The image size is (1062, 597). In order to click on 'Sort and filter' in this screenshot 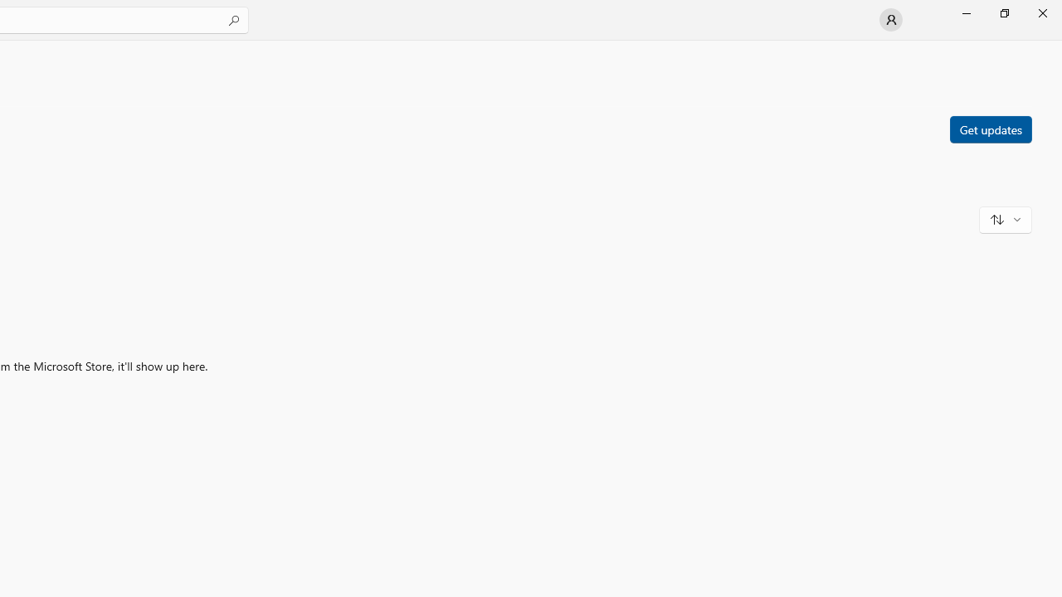, I will do `click(1005, 218)`.